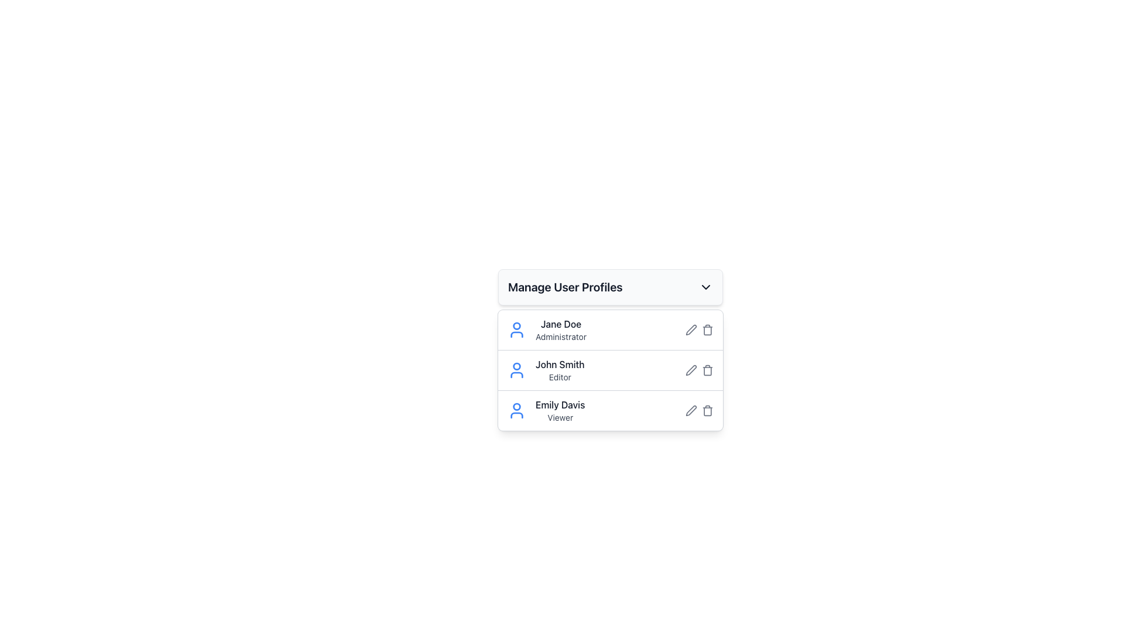 This screenshot has width=1124, height=632. Describe the element at coordinates (609, 287) in the screenshot. I see `the Dropdown header for managing user profiles` at that location.